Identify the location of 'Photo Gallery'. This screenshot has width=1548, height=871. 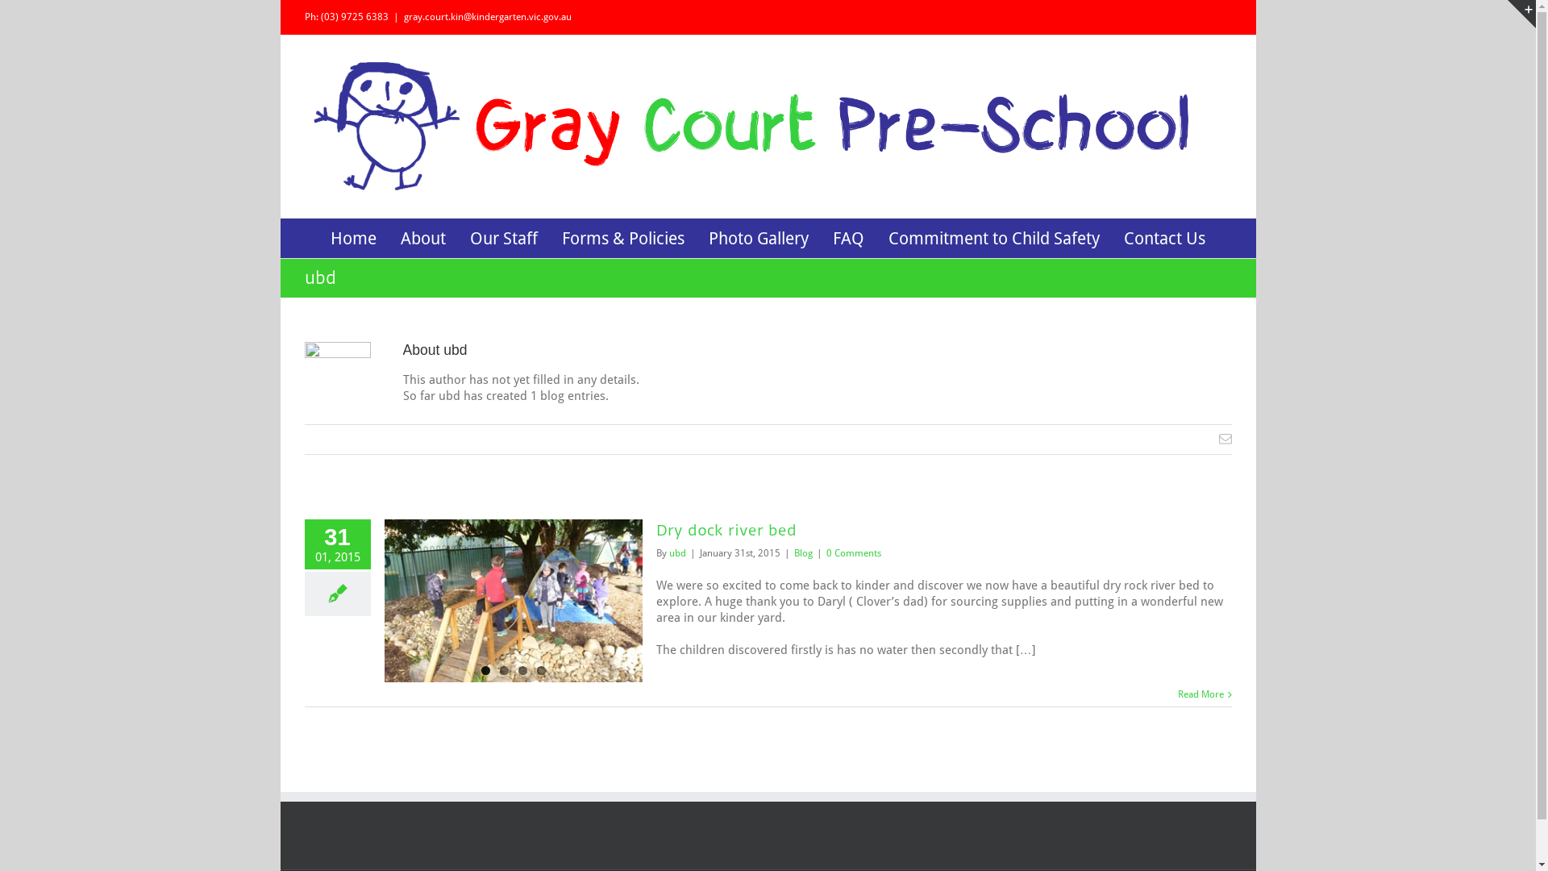
(757, 237).